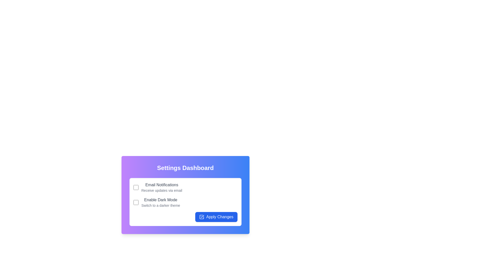 This screenshot has height=270, width=480. Describe the element at coordinates (161, 205) in the screenshot. I see `the text label that provides additional descriptive information about the 'Enable Dark Mode' feature, located below the 'Enable Dark Mode' text in the settings card` at that location.